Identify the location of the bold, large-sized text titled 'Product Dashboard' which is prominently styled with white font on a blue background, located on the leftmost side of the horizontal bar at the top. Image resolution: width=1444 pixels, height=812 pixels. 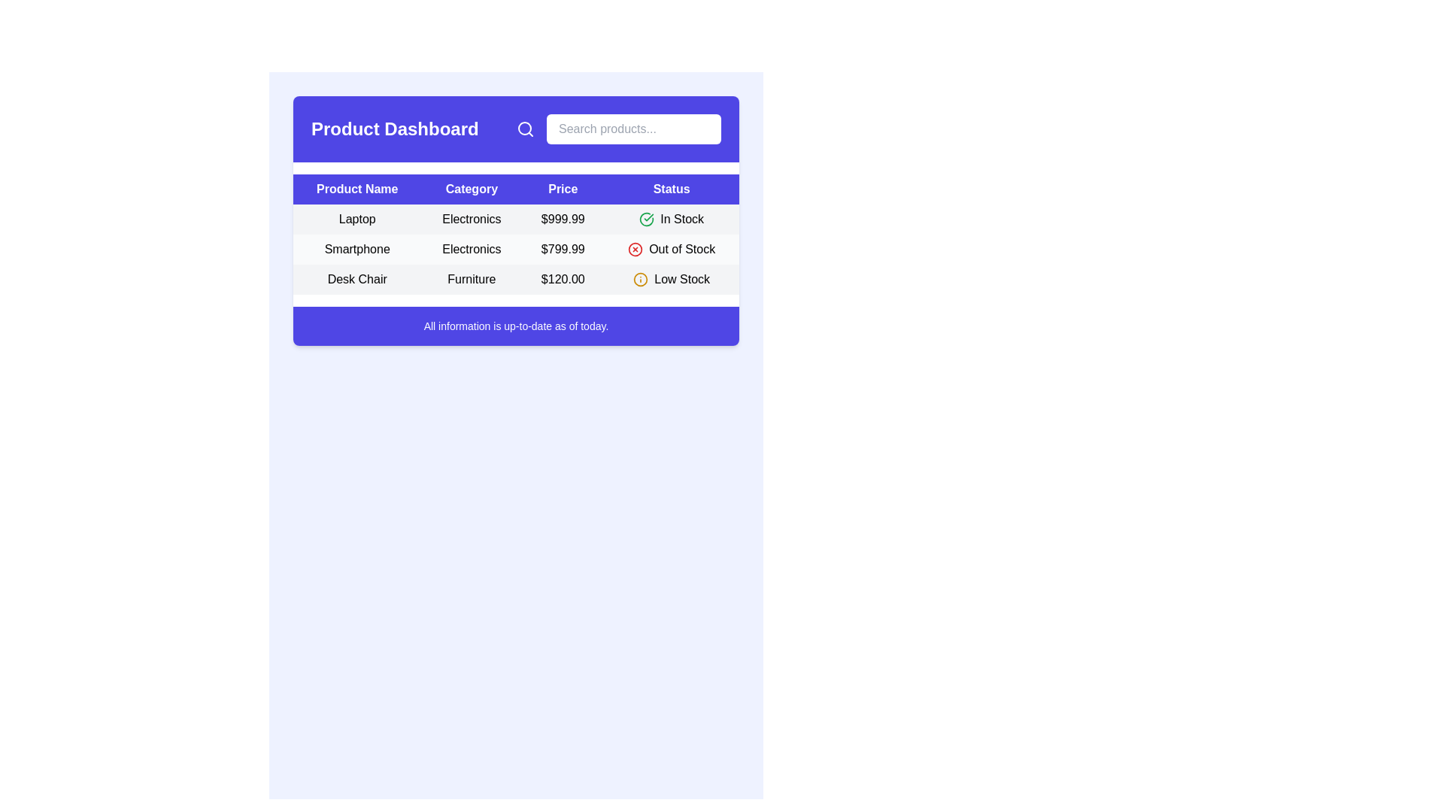
(395, 129).